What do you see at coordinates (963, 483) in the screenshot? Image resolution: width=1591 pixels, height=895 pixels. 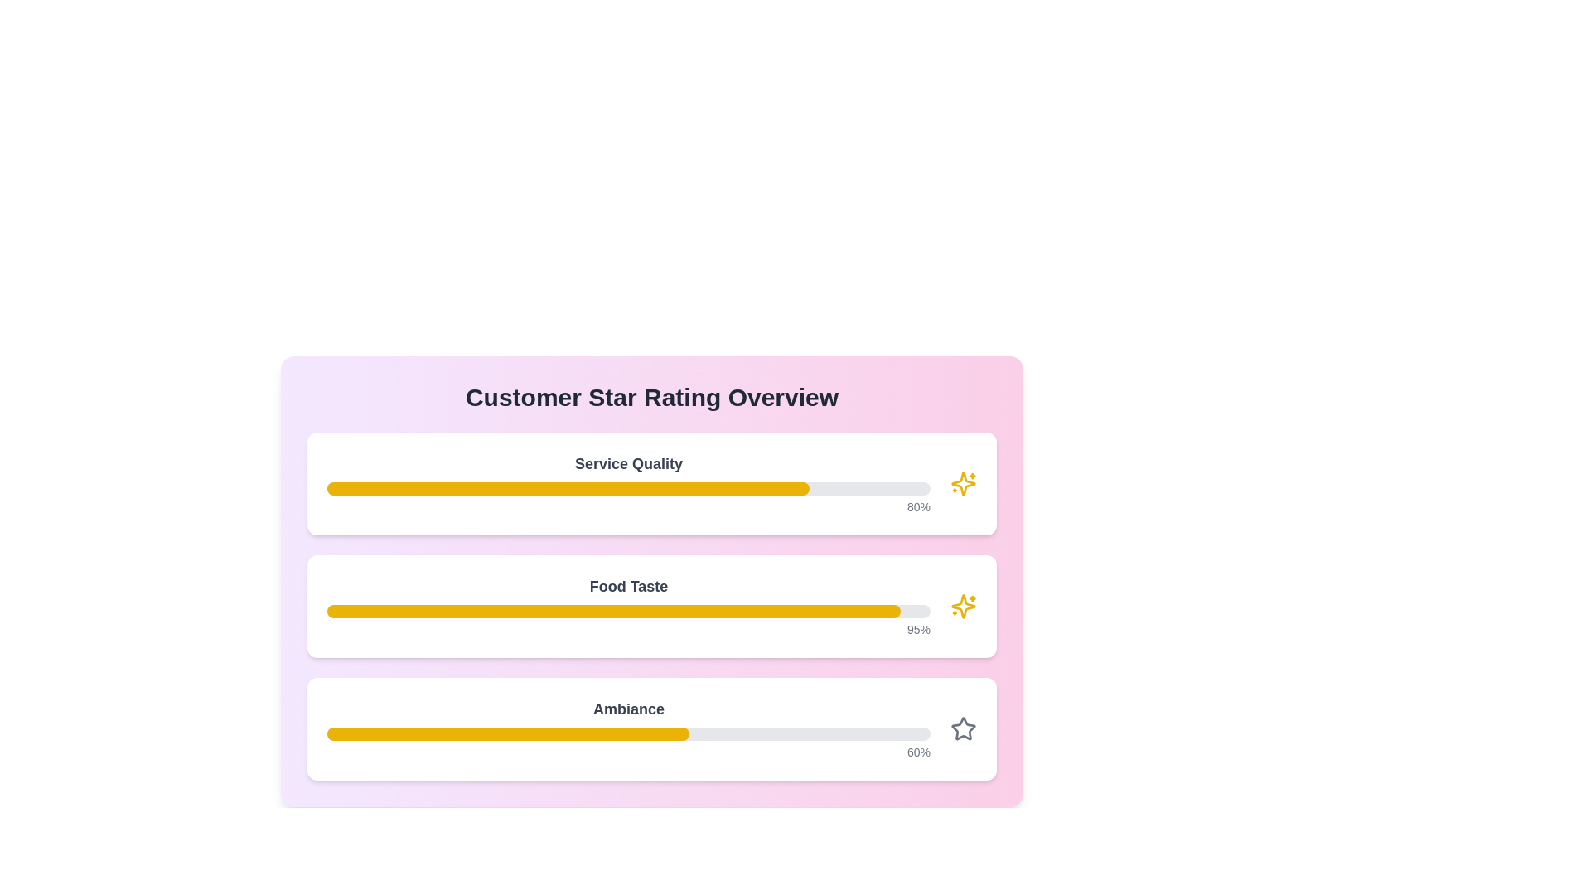 I see `the SVG Icon representing the 'Food Taste' rating in the second rating module` at bounding box center [963, 483].